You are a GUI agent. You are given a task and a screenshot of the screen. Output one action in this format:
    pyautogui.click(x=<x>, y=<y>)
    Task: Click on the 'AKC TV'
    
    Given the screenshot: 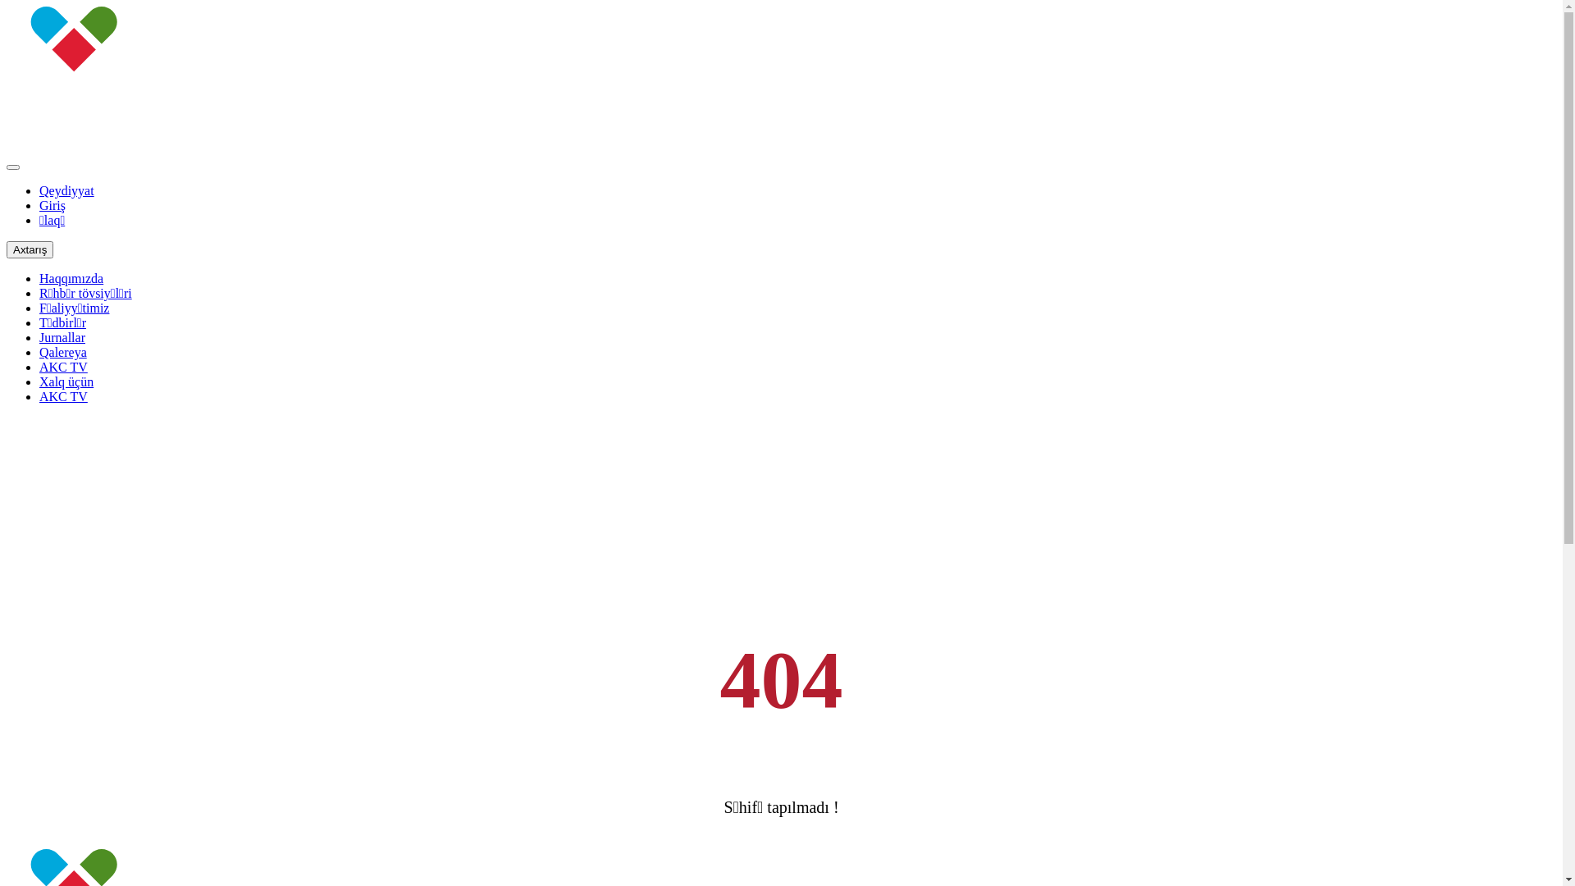 What is the action you would take?
    pyautogui.click(x=63, y=396)
    